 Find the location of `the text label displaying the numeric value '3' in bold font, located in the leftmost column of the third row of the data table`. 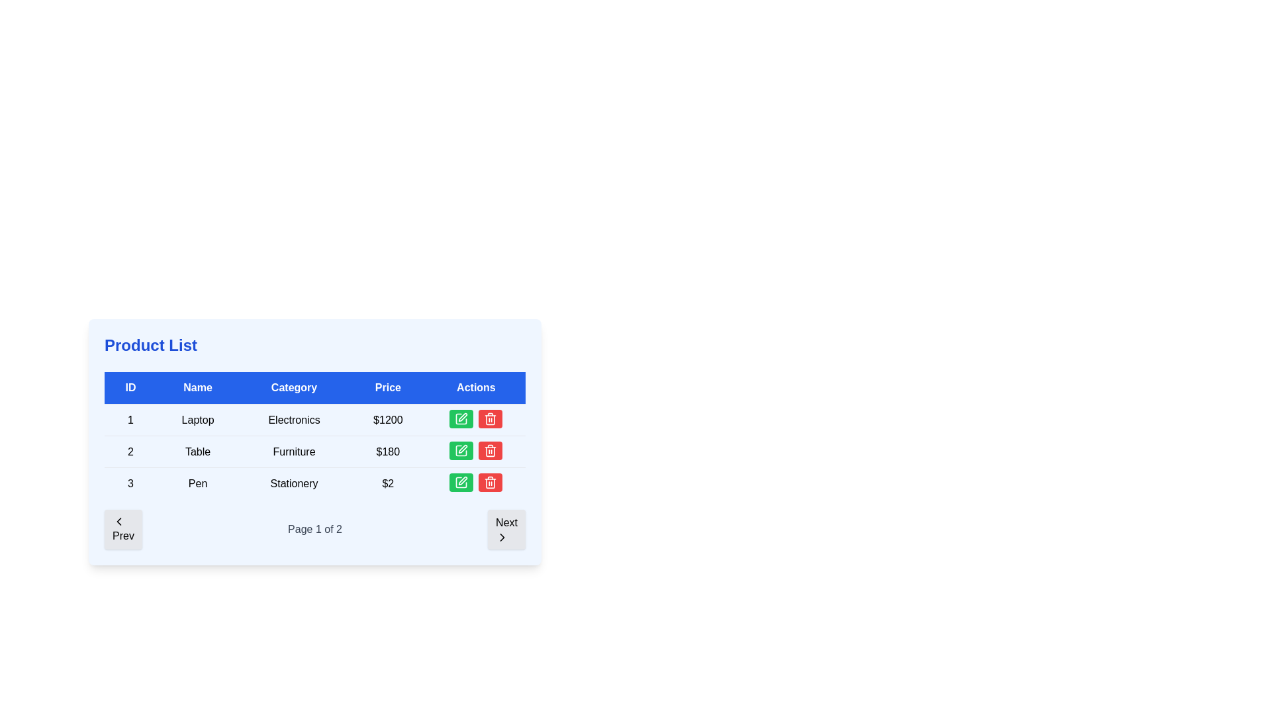

the text label displaying the numeric value '3' in bold font, located in the leftmost column of the third row of the data table is located at coordinates (130, 483).